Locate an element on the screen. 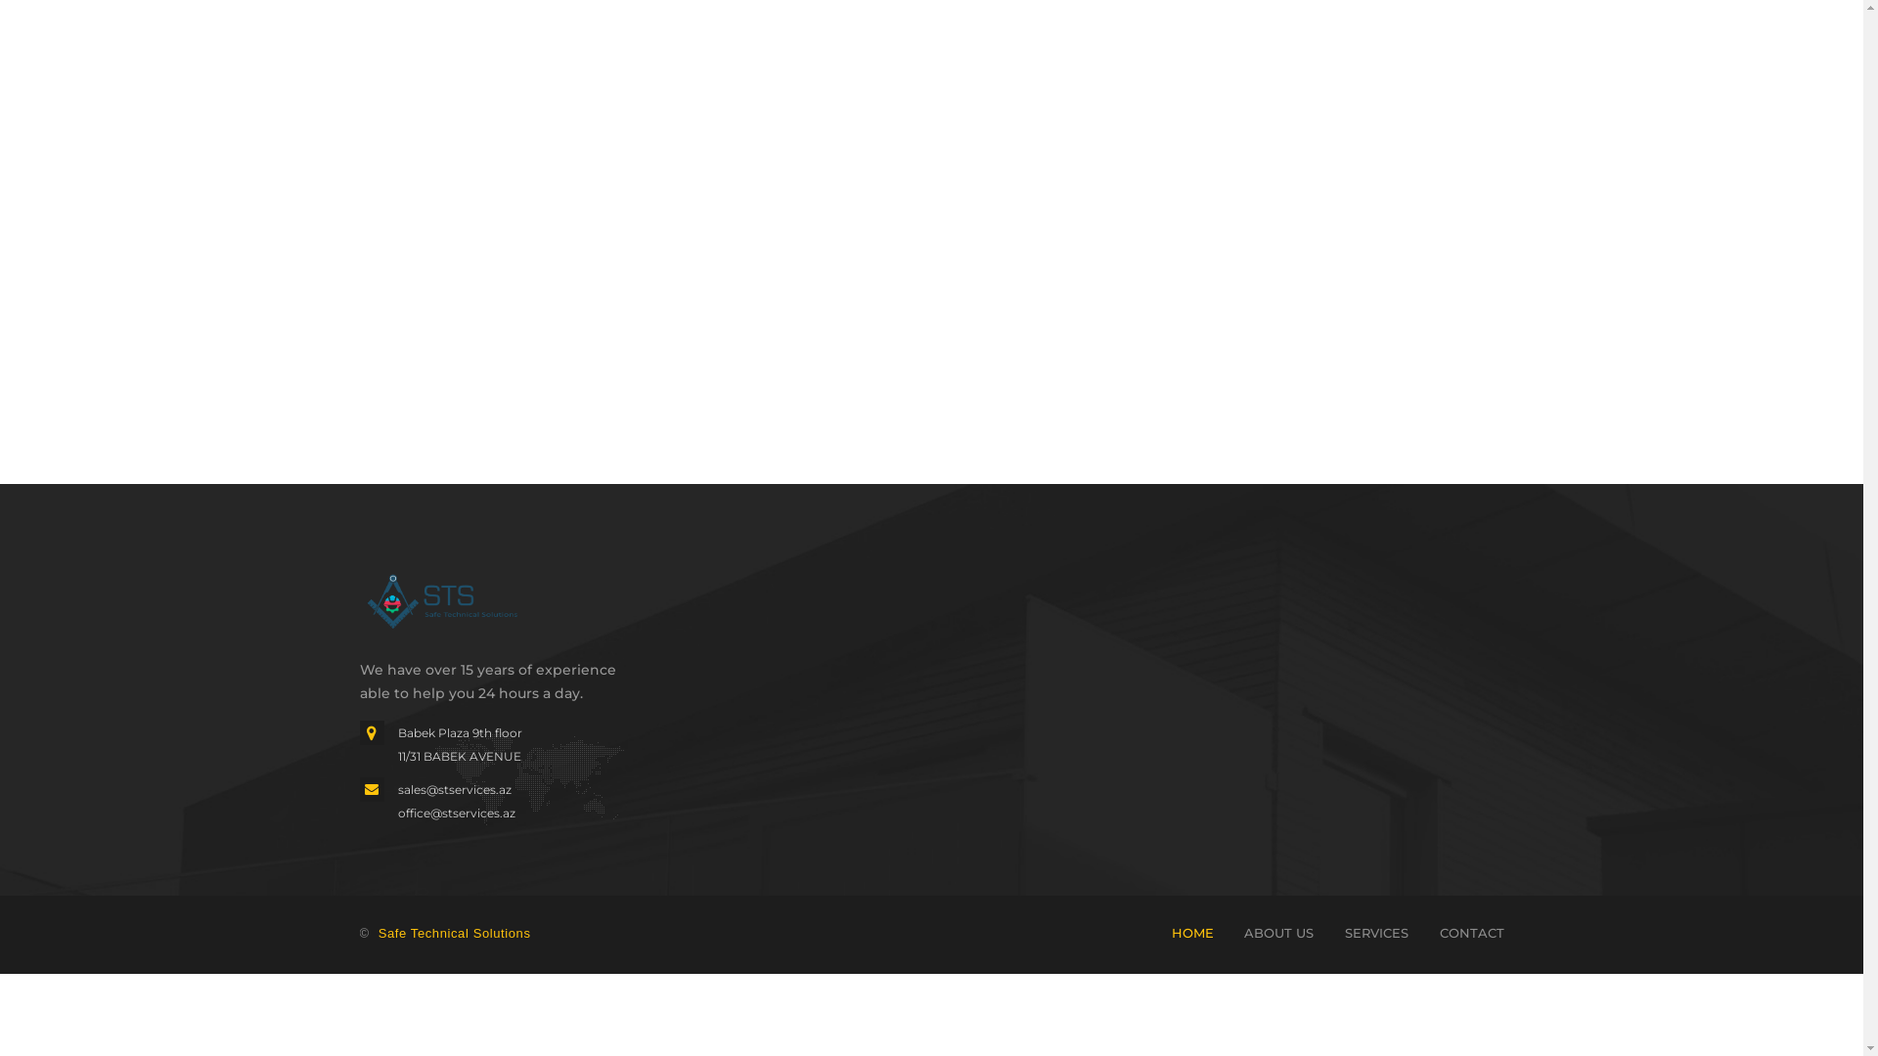 Image resolution: width=1878 pixels, height=1056 pixels. 'HOME' is located at coordinates (1191, 931).